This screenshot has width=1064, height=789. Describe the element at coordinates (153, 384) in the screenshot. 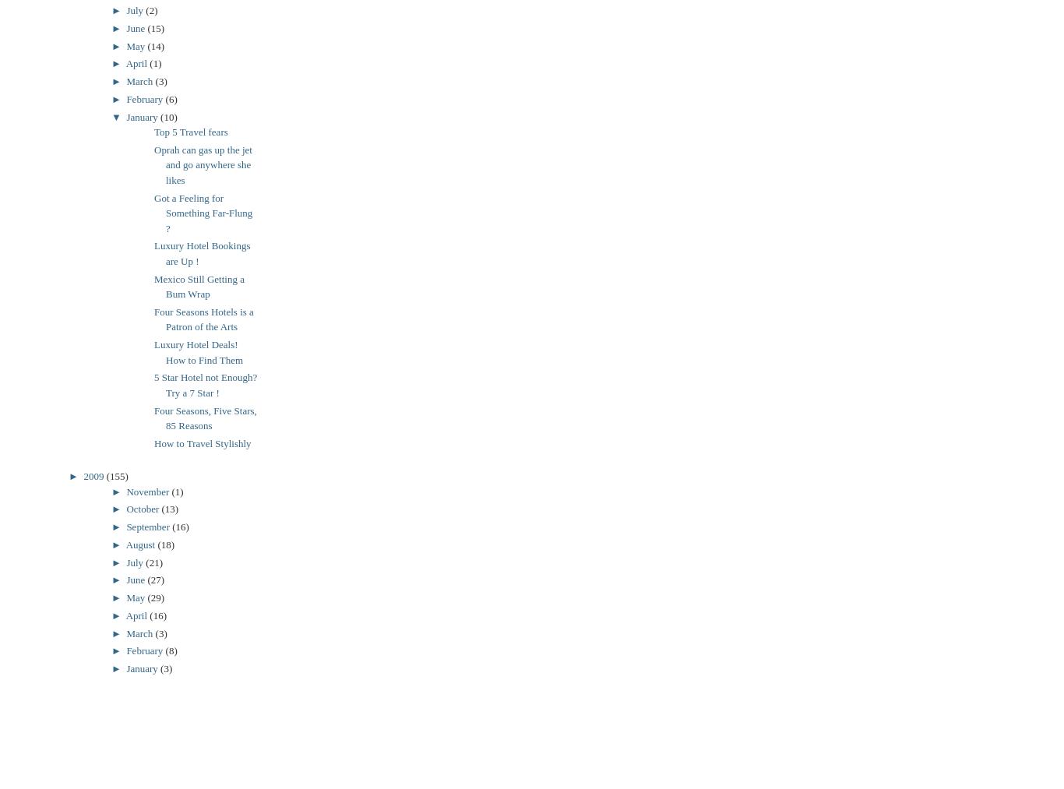

I see `'5 Star Hotel not Enough? Try a 7 Star !'` at that location.